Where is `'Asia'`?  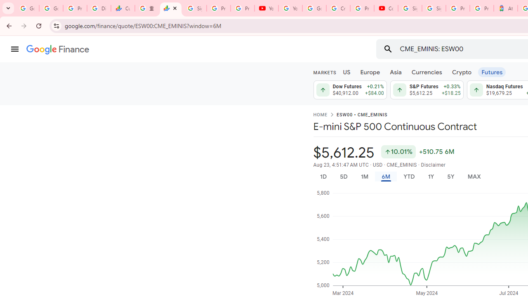 'Asia' is located at coordinates (395, 71).